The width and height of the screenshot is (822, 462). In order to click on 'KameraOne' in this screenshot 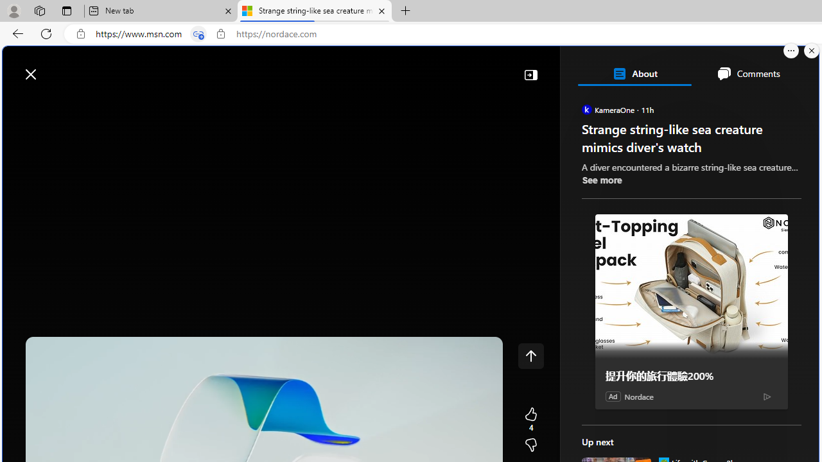, I will do `click(586, 108)`.